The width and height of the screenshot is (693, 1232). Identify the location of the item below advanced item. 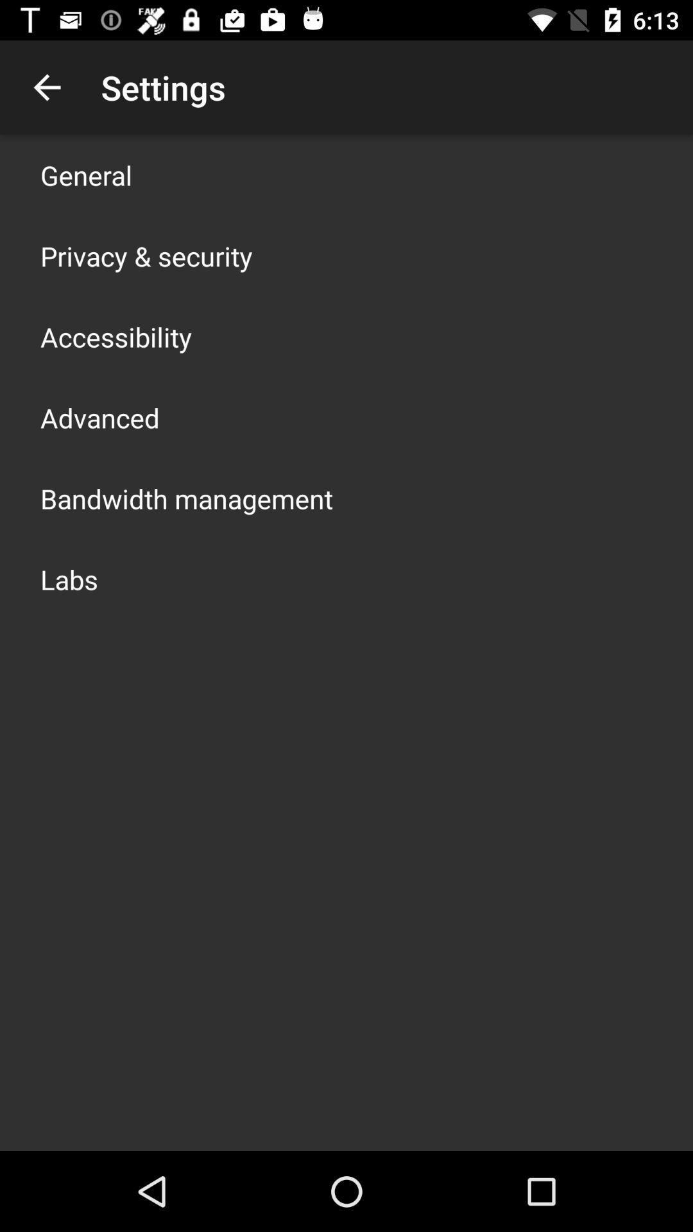
(186, 498).